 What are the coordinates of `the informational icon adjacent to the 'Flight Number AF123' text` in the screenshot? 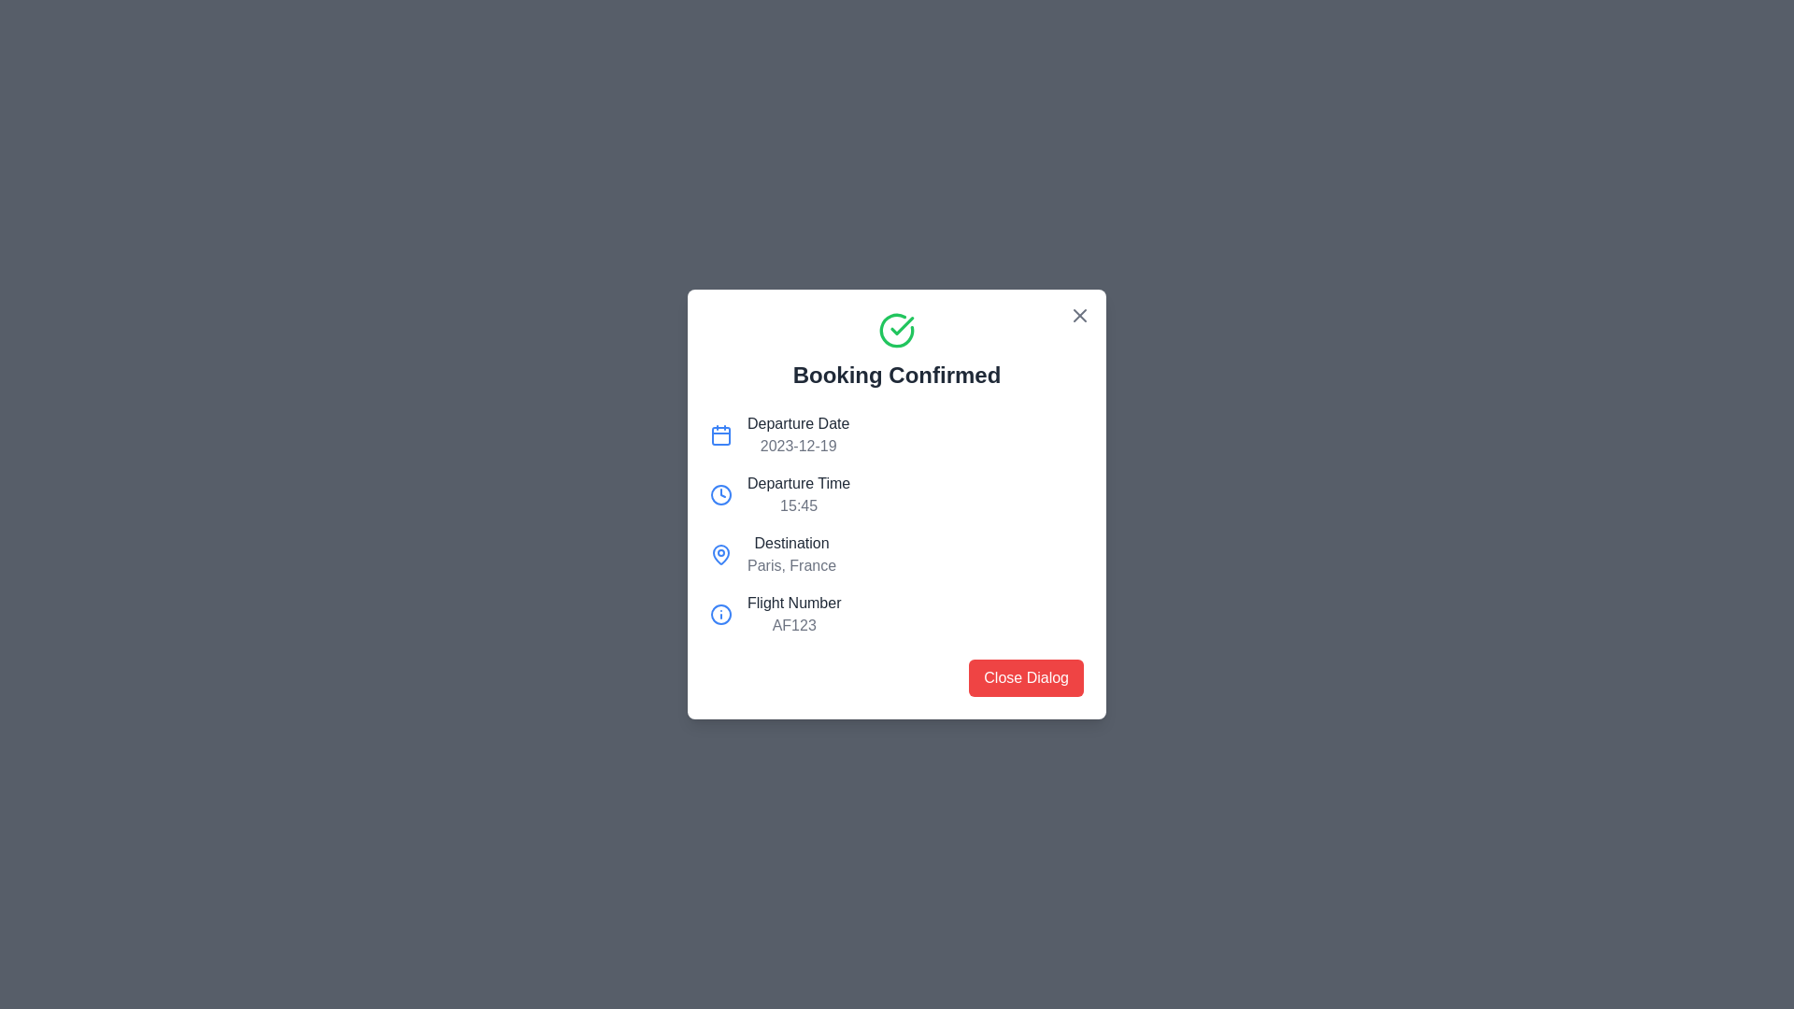 It's located at (720, 615).